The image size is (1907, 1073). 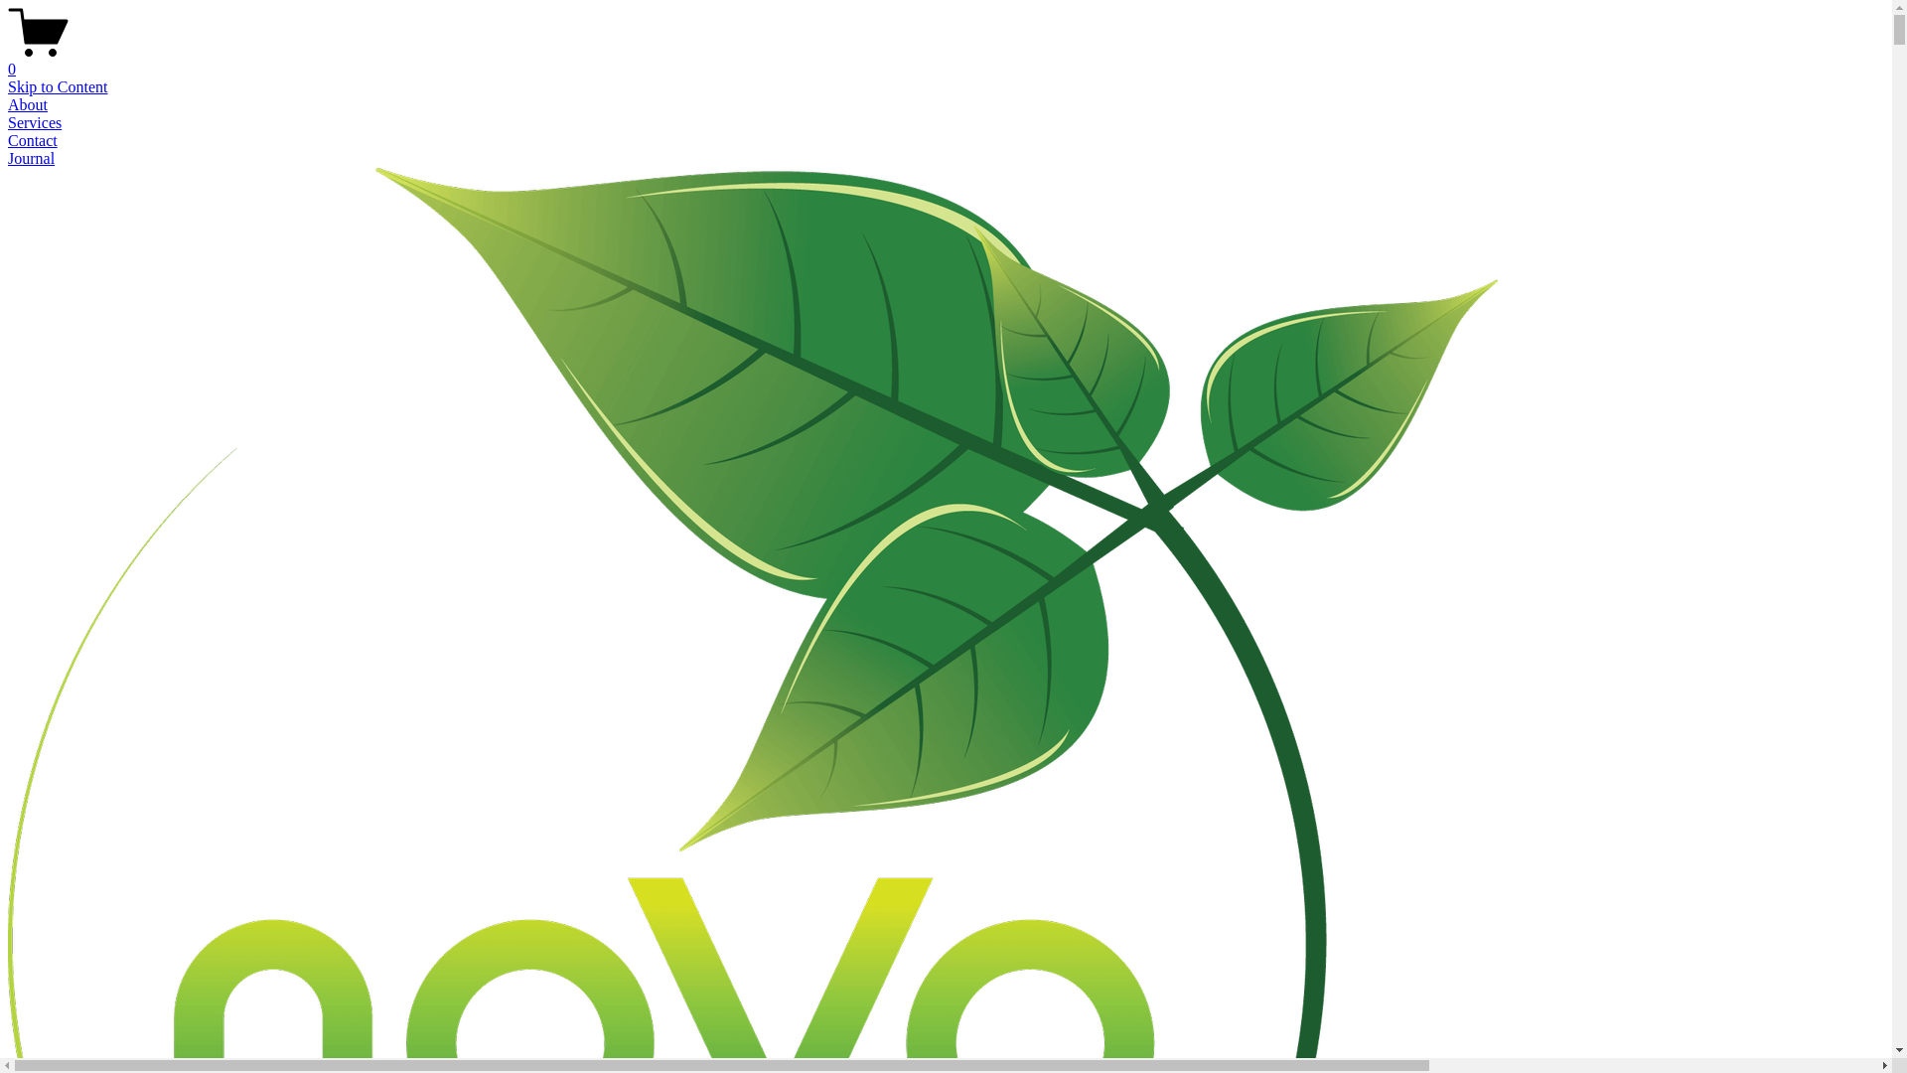 What do you see at coordinates (33, 139) in the screenshot?
I see `'Contact'` at bounding box center [33, 139].